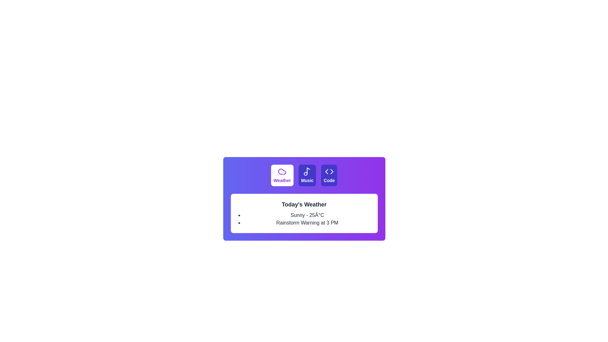 The width and height of the screenshot is (608, 342). Describe the element at coordinates (304, 213) in the screenshot. I see `the weather information display titled 'Today's Weather'` at that location.